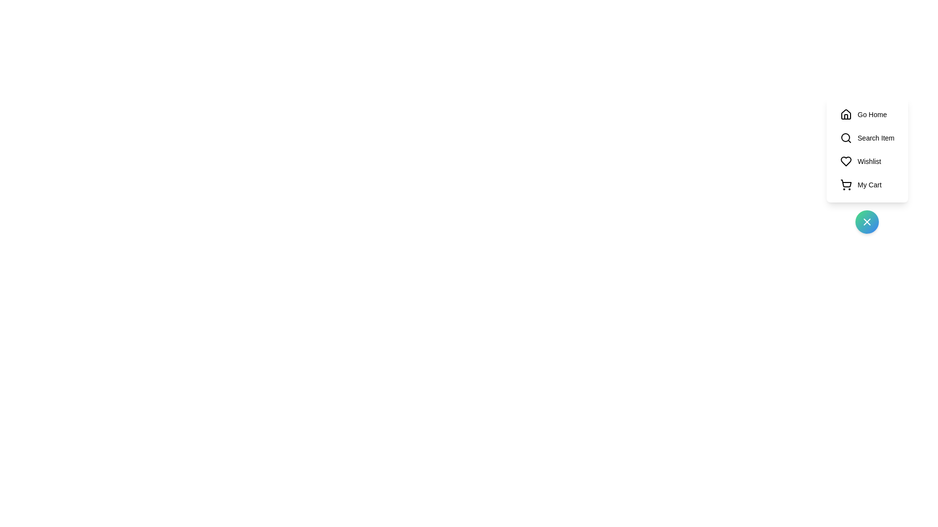 The image size is (938, 527). I want to click on the 'My Cart' button, so click(867, 184).